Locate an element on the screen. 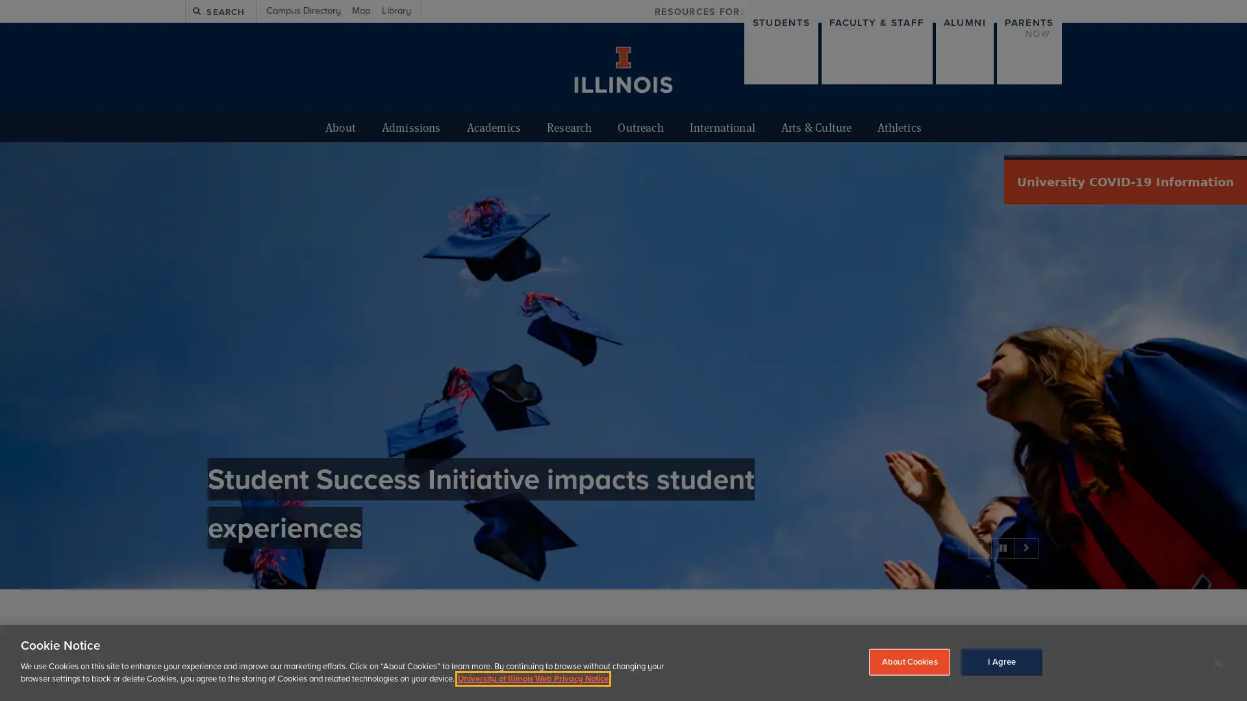 Image resolution: width=1247 pixels, height=701 pixels. About Cookies is located at coordinates (909, 661).